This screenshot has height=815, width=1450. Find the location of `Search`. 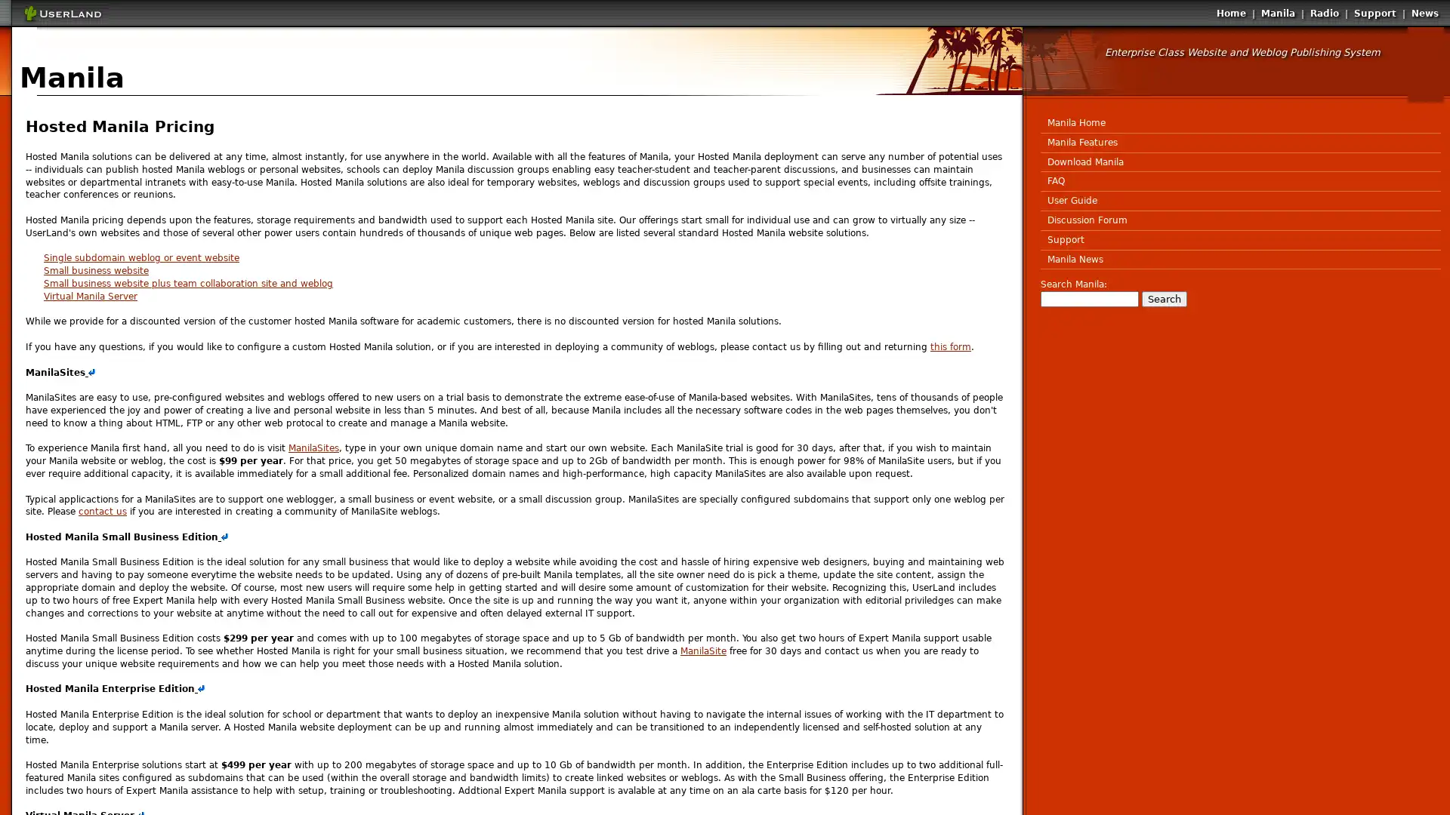

Search is located at coordinates (1163, 299).